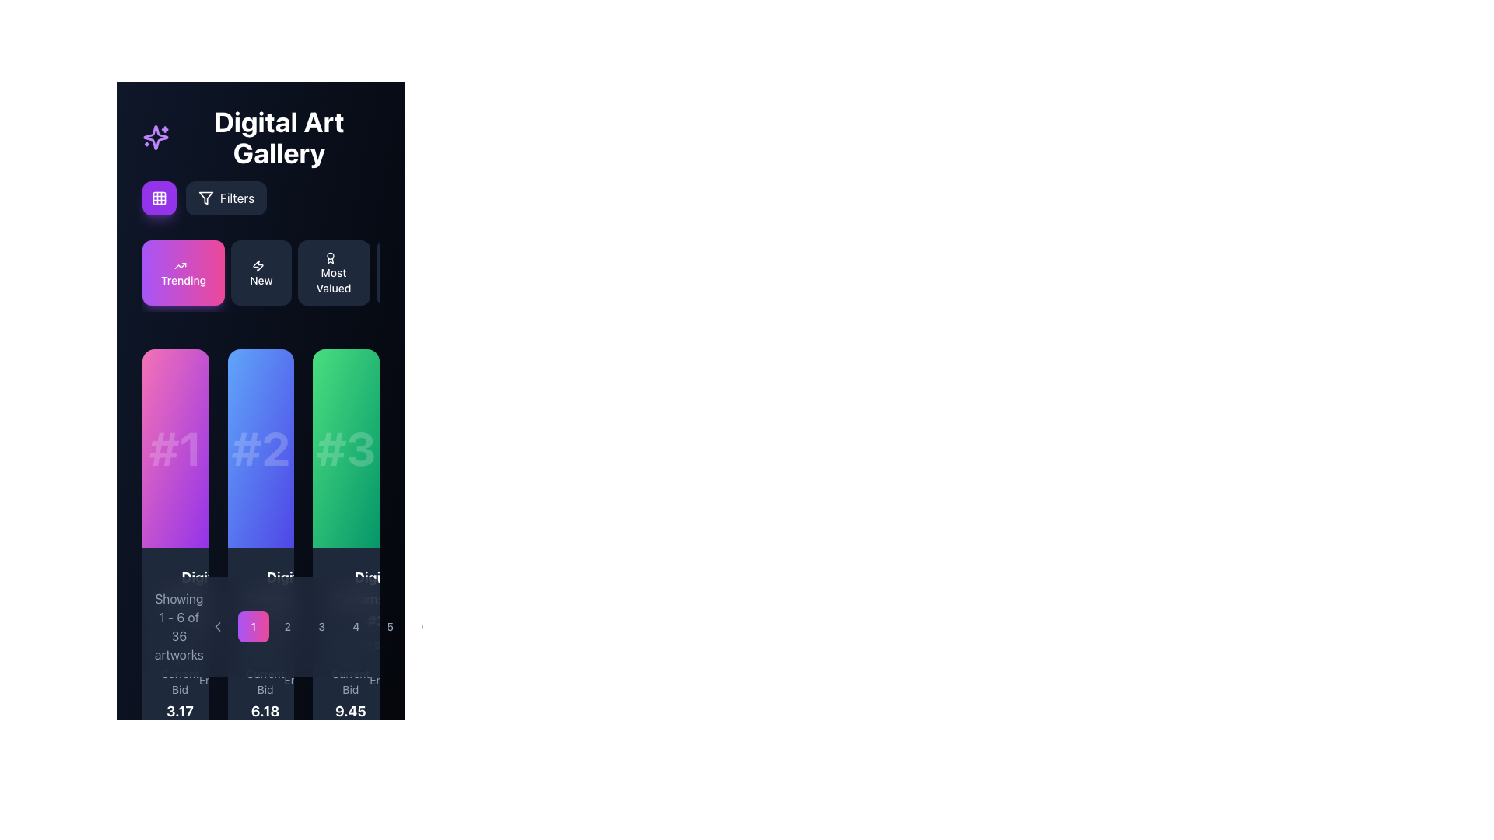 The height and width of the screenshot is (840, 1494). What do you see at coordinates (184, 272) in the screenshot?
I see `the 'Trending' button, which is a rectangular button with rounded corners and a gradient background from purple to pink, containing white text and an upward trending line icon on the left` at bounding box center [184, 272].